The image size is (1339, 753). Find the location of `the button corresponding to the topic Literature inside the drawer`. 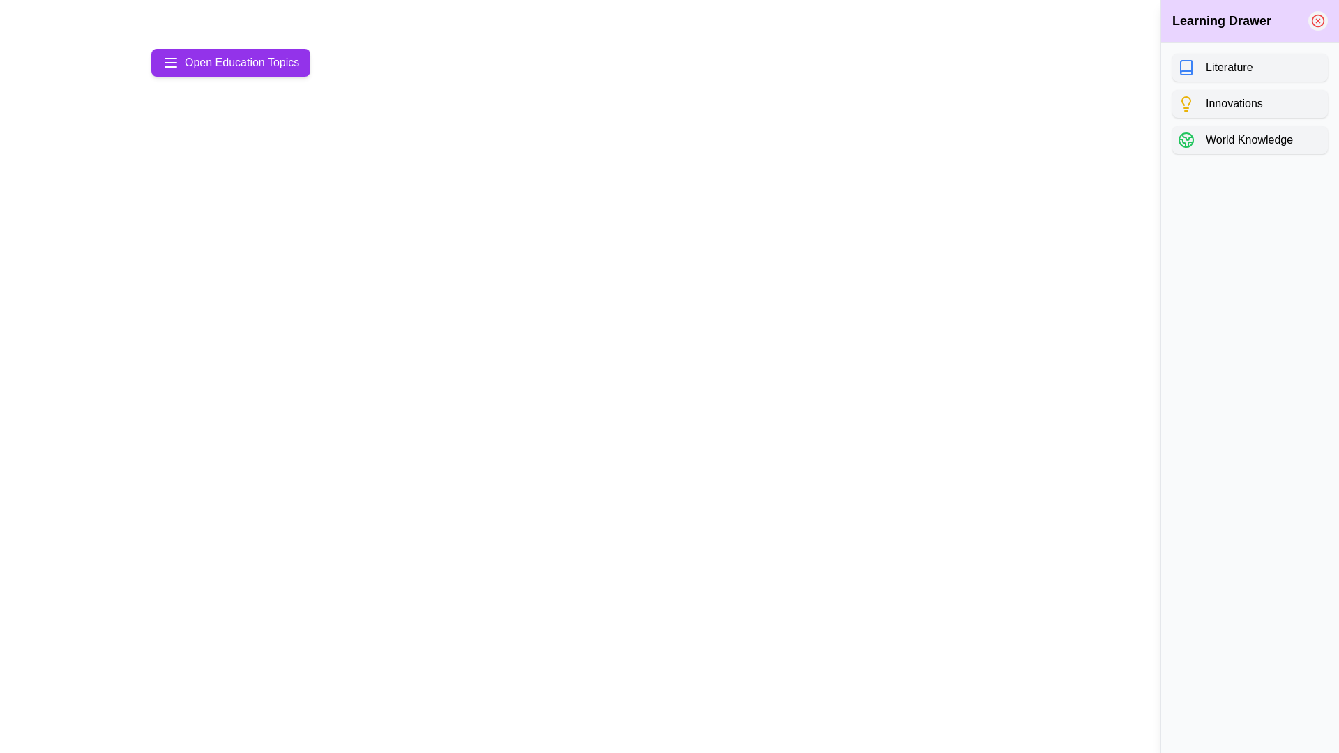

the button corresponding to the topic Literature inside the drawer is located at coordinates (1250, 67).